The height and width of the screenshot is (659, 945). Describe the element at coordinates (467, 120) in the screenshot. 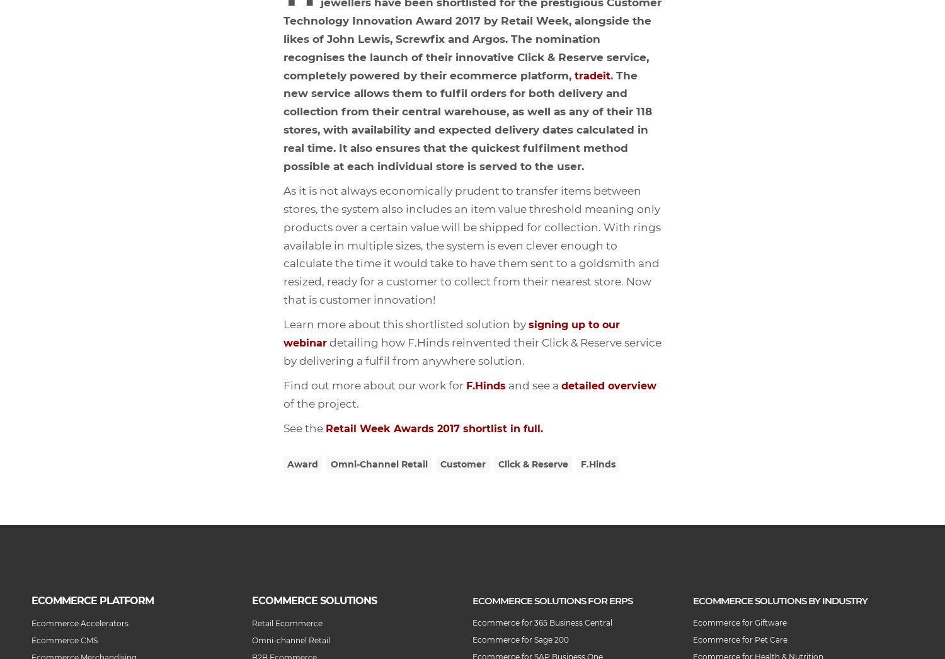

I see `'. The new service allows them to fulfil orders for both delivery and collection from their central warehouse, as well as any of their 118 stores, with availability and expected delivery dates calculated in real time. It also ensures that the quickest fulfilment method possible at each individual store is served to the user.'` at that location.